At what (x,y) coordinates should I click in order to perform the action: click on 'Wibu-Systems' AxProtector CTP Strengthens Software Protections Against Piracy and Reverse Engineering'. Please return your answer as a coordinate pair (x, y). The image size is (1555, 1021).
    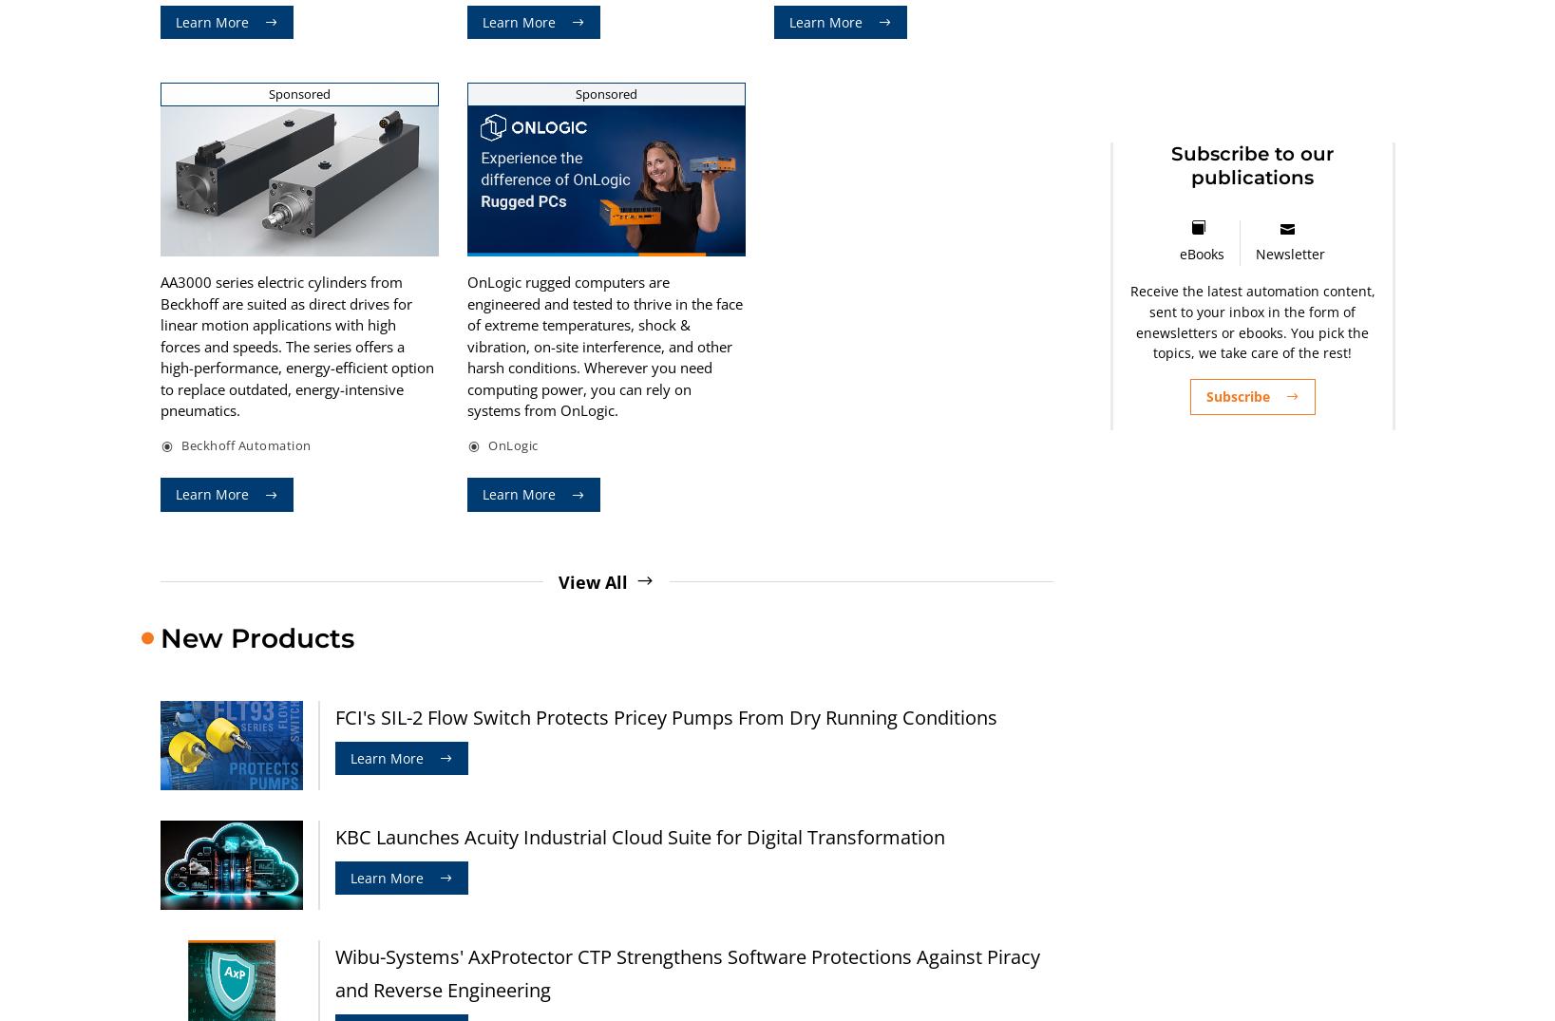
    Looking at the image, I should click on (687, 972).